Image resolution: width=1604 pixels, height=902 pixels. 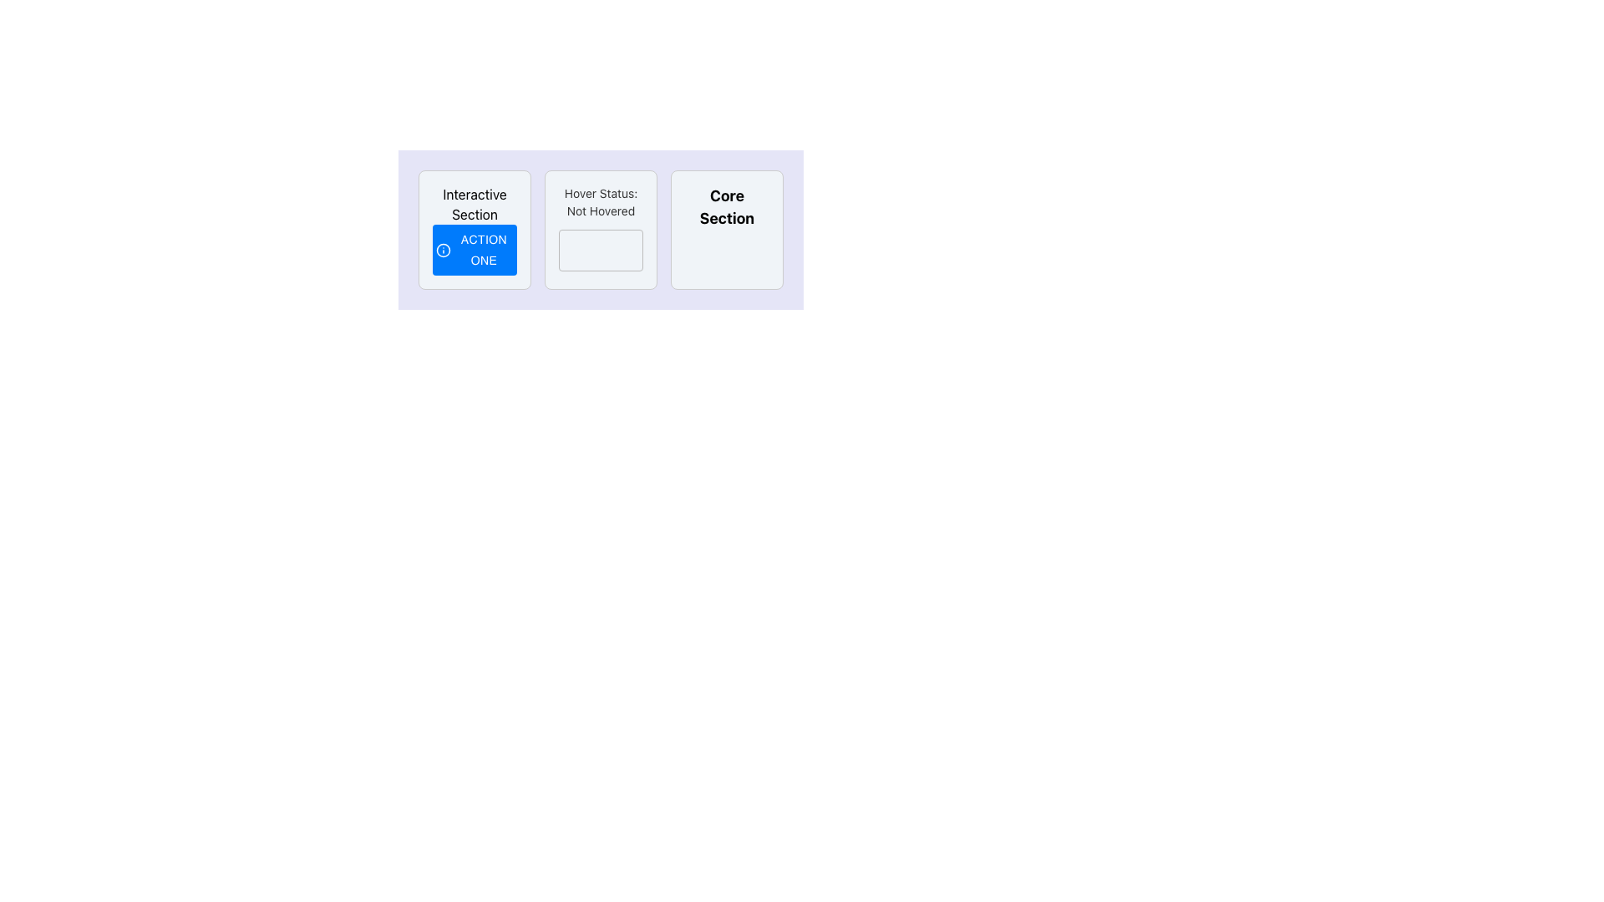 What do you see at coordinates (601, 230) in the screenshot?
I see `the status change in the middle section labeled 'Hover Status: Not Hovered' of the Informational section, which is bordered by 'Interactive Section' on the left and 'Core Section' on the right, by hovering over the element` at bounding box center [601, 230].